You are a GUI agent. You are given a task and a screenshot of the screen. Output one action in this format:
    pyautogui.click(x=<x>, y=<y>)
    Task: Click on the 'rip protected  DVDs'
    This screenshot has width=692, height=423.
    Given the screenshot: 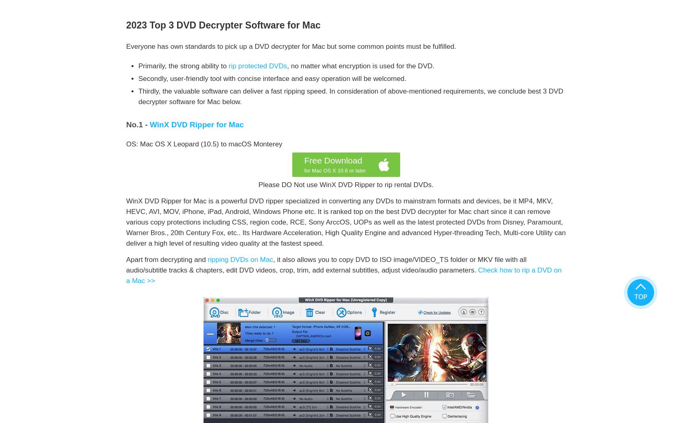 What is the action you would take?
    pyautogui.click(x=257, y=66)
    